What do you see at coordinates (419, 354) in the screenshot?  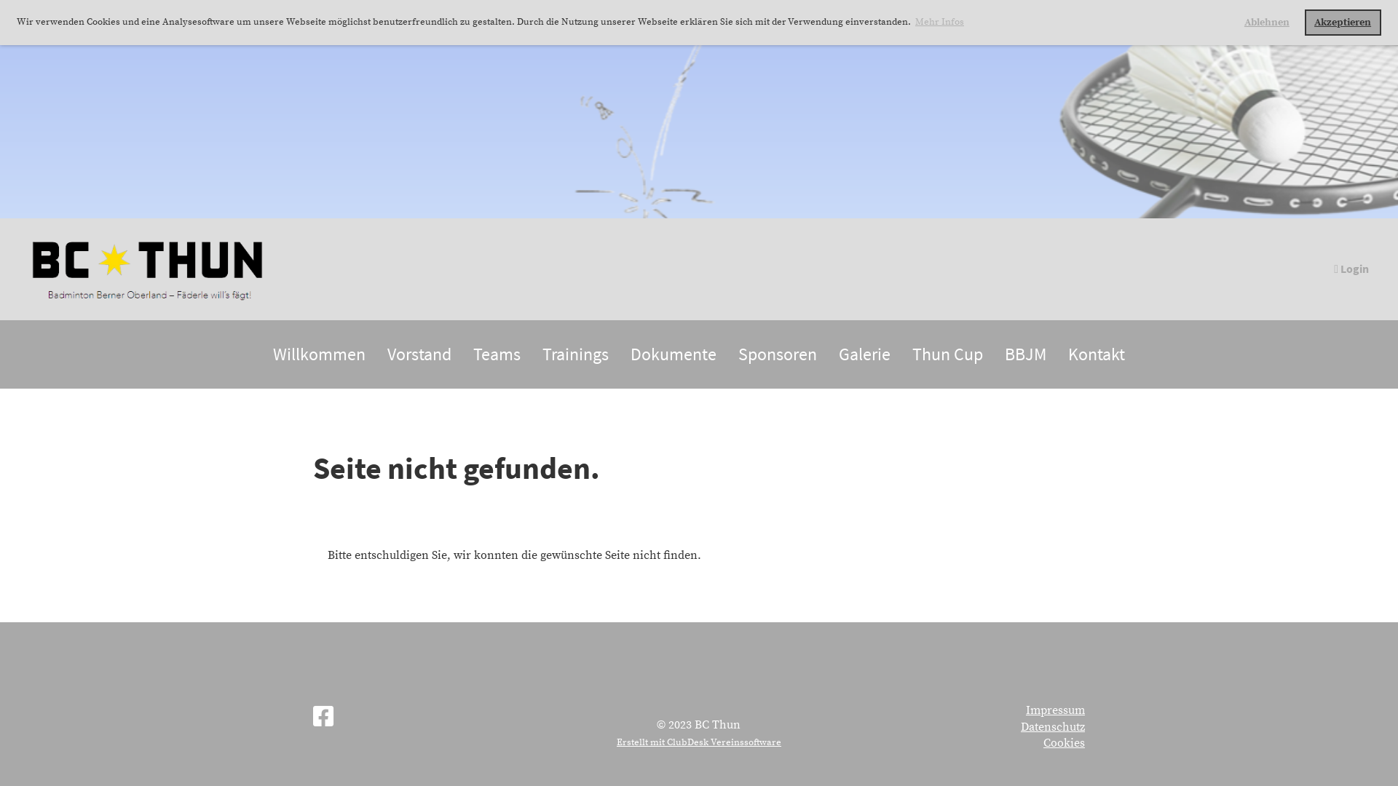 I see `'Vorstand'` at bounding box center [419, 354].